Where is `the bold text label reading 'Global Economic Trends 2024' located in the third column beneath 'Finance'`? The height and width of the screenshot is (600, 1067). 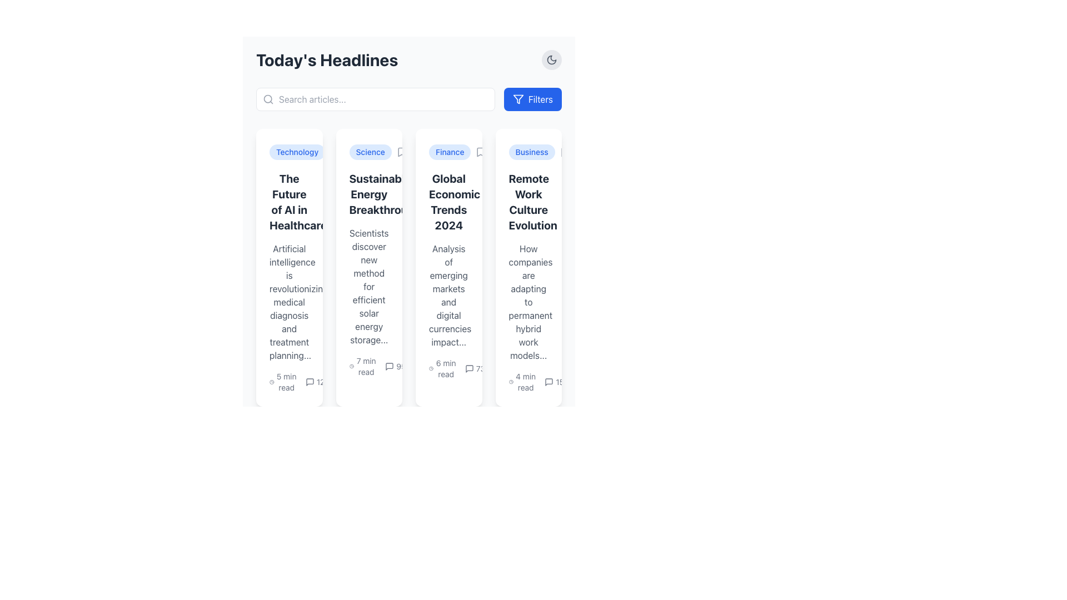
the bold text label reading 'Global Economic Trends 2024' located in the third column beneath 'Finance' is located at coordinates (448, 202).